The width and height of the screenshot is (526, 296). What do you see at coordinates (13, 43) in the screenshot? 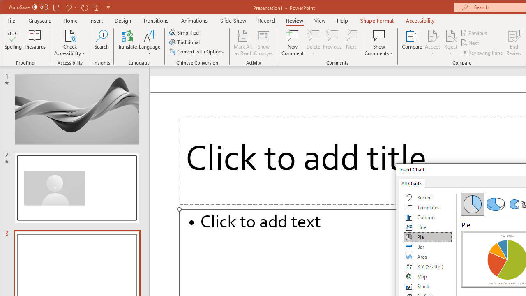
I see `'Spelling...'` at bounding box center [13, 43].